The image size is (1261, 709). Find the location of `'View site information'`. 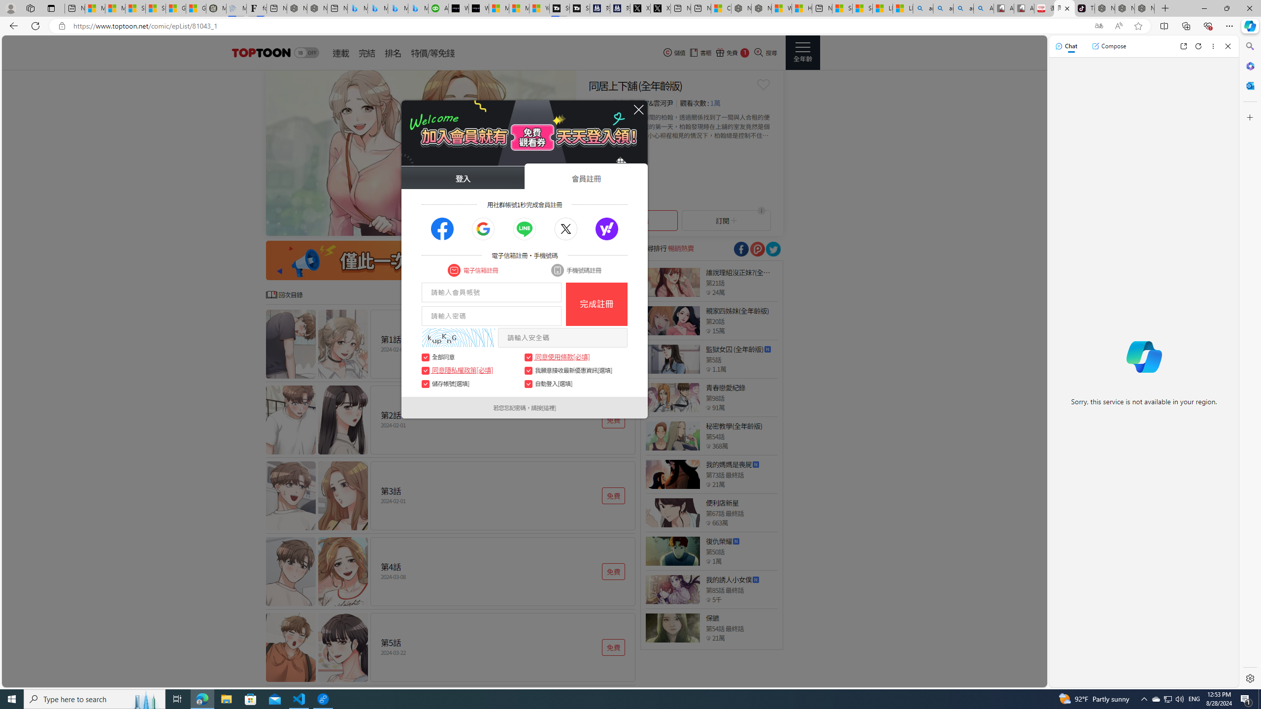

'View site information' is located at coordinates (62, 26).